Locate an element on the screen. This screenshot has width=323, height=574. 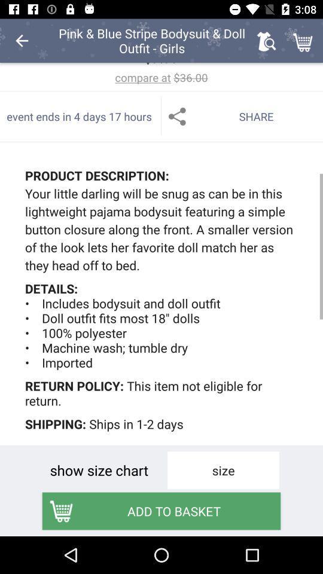
the item to the left of the pink blue stripe is located at coordinates (22, 41).